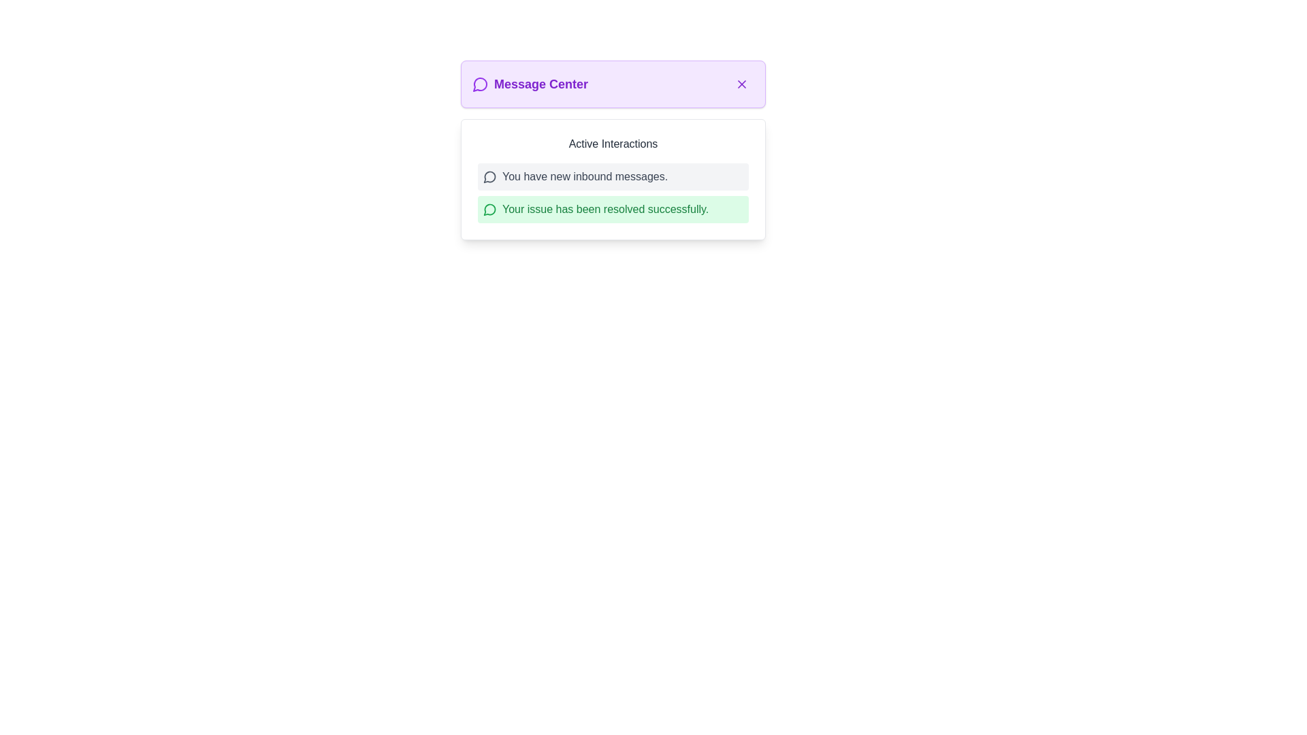 Image resolution: width=1307 pixels, height=735 pixels. I want to click on the small close button represented as an 'X' icon with a purple color at the top-right corner of the 'Message Center' header, so click(741, 84).